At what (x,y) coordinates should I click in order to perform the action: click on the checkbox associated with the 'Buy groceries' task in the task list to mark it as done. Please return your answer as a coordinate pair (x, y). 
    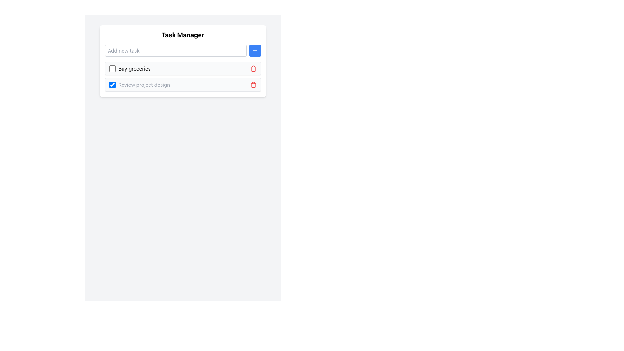
    Looking at the image, I should click on (130, 69).